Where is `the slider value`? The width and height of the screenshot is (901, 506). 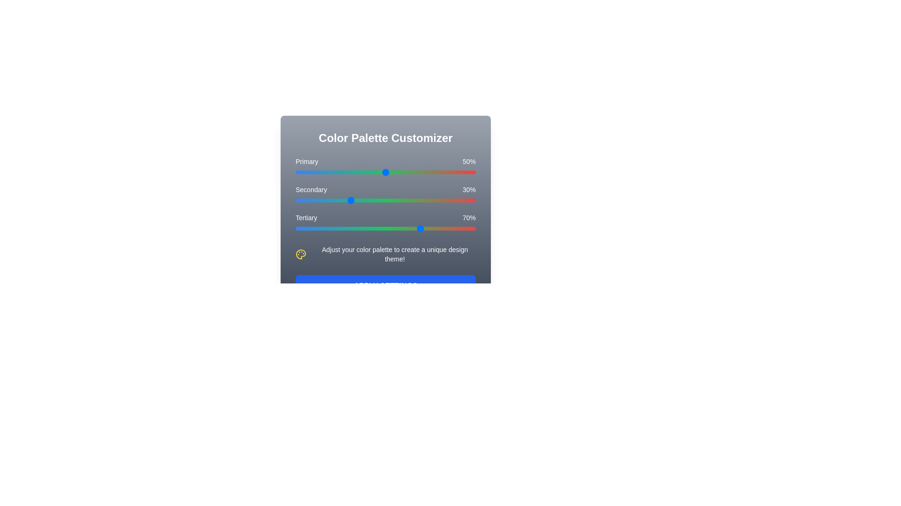 the slider value is located at coordinates (306, 200).